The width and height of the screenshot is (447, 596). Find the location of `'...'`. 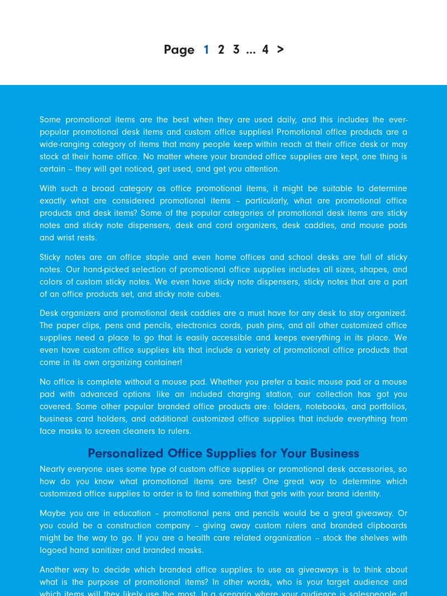

'...' is located at coordinates (241, 48).